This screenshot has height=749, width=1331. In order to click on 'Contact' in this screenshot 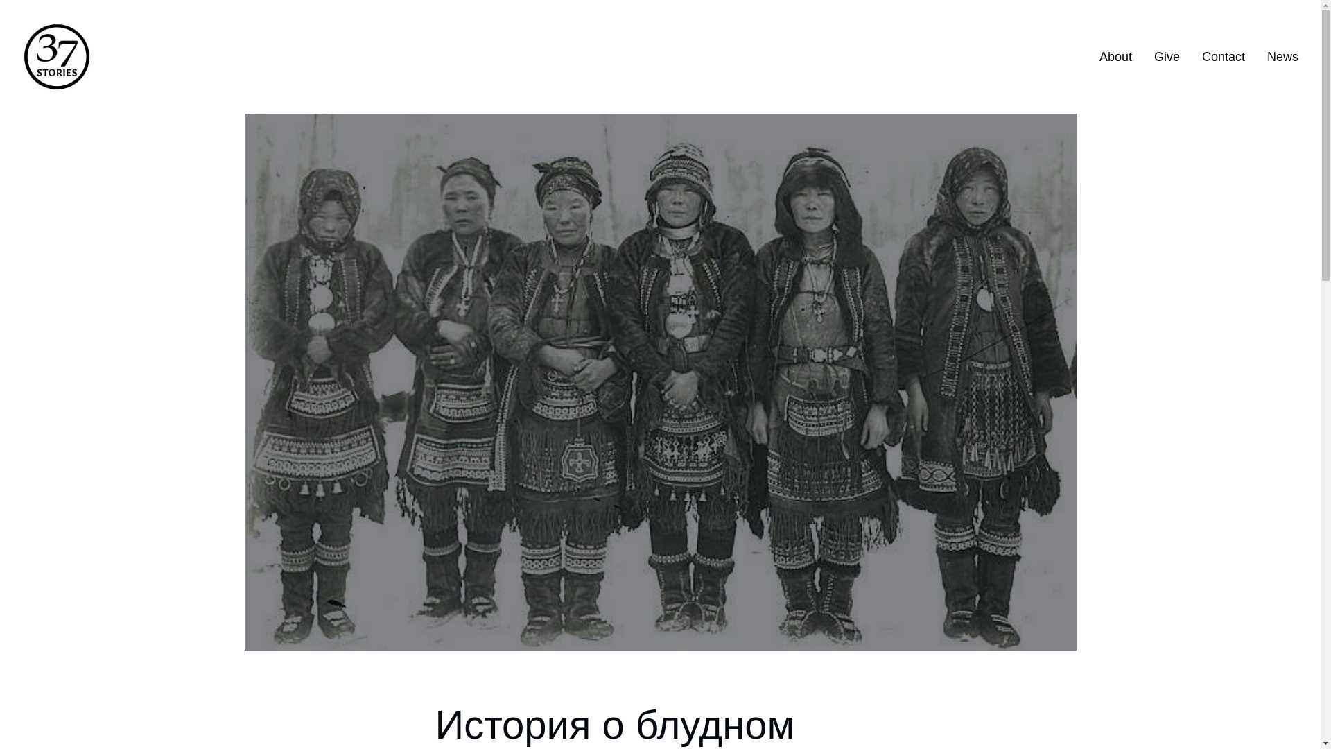, I will do `click(1224, 56)`.